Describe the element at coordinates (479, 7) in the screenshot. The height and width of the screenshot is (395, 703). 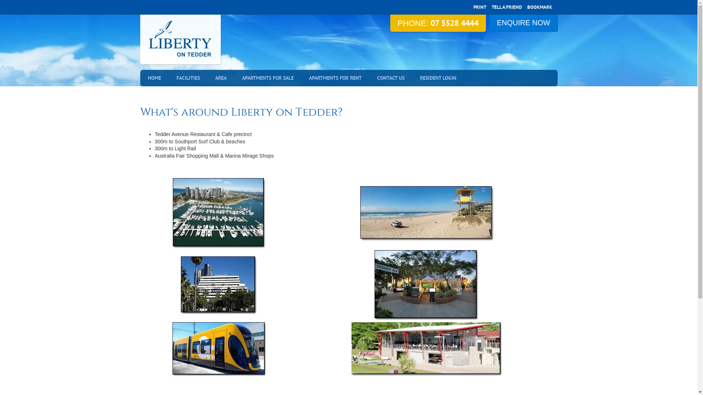
I see `'PRINT'` at that location.